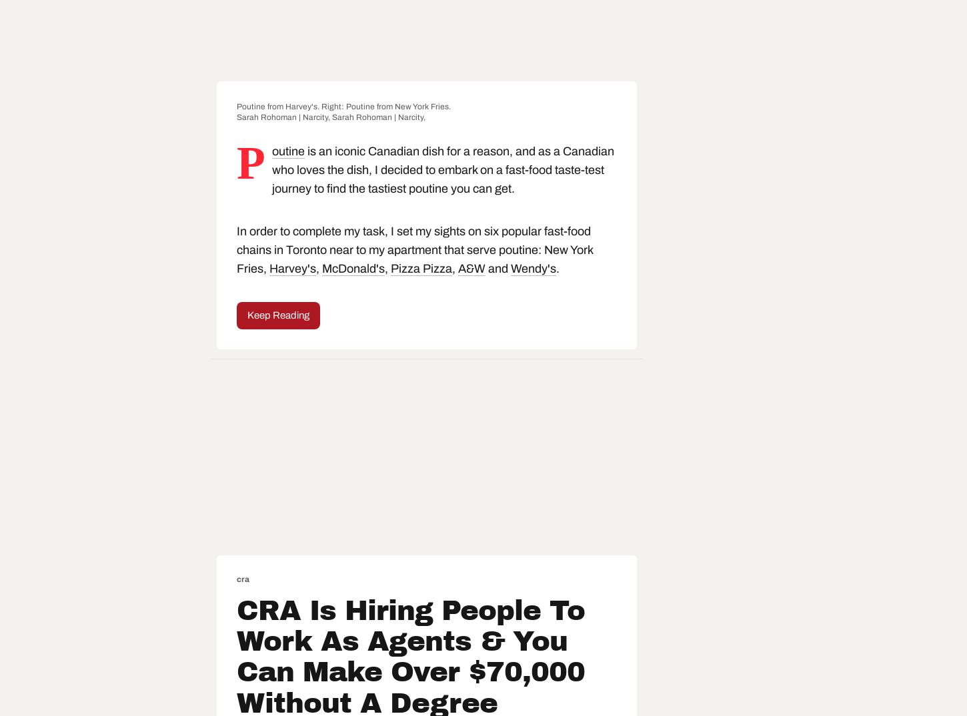 The height and width of the screenshot is (716, 967). What do you see at coordinates (511, 268) in the screenshot?
I see `'Wendy's'` at bounding box center [511, 268].